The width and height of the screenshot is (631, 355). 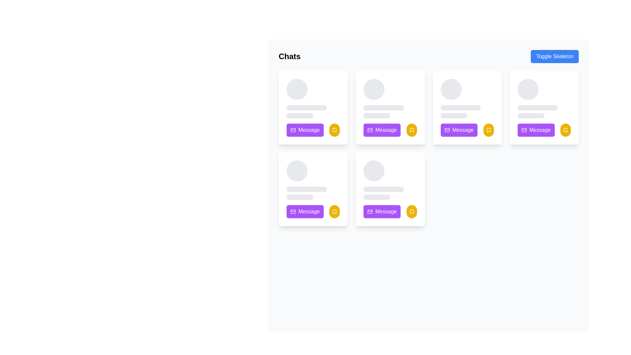 I want to click on the yellow bookmark-like icon with a rounded top and pointed bottom, located at the bottom-right corner of the lower-left card in a grid of six cards, so click(x=411, y=212).